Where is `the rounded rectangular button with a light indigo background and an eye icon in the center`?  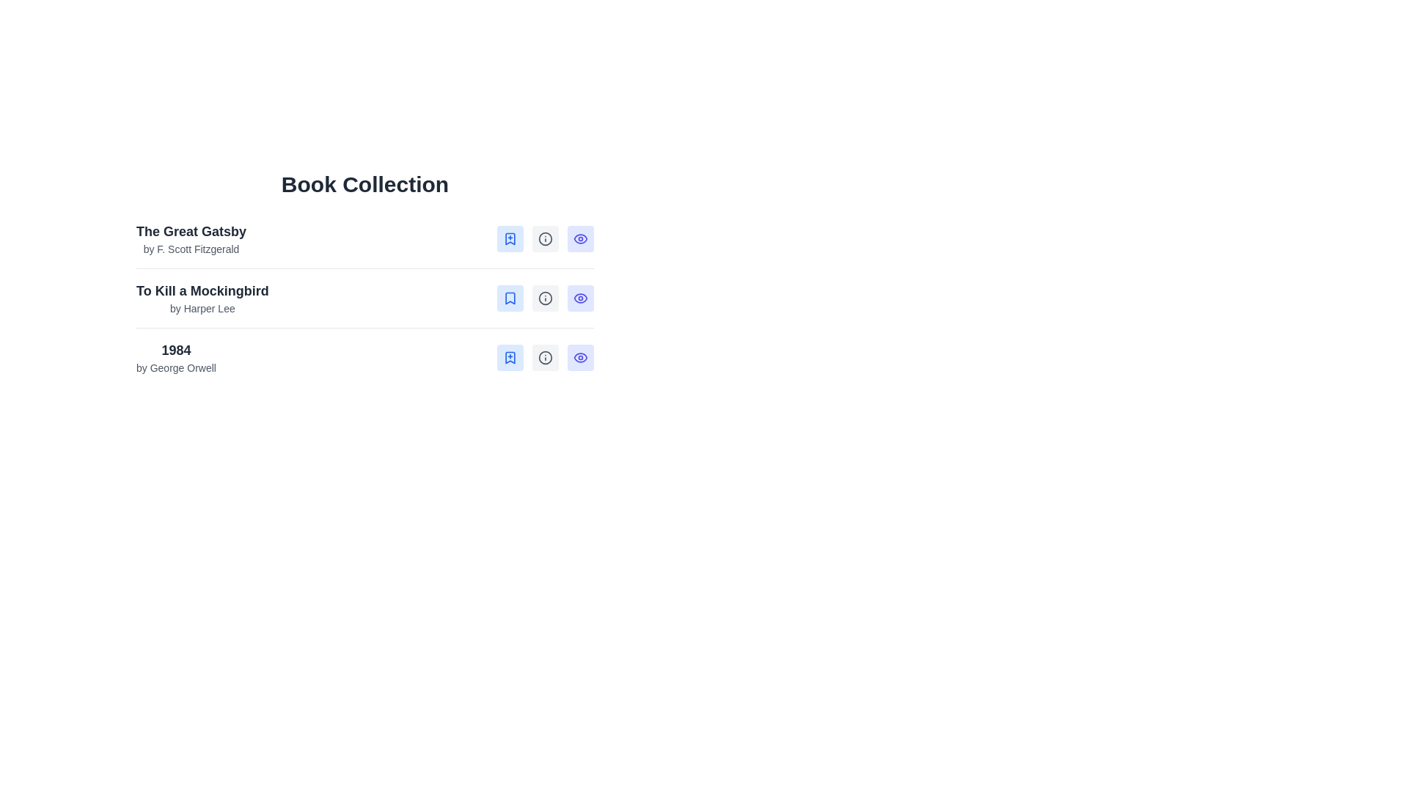 the rounded rectangular button with a light indigo background and an eye icon in the center is located at coordinates (580, 238).